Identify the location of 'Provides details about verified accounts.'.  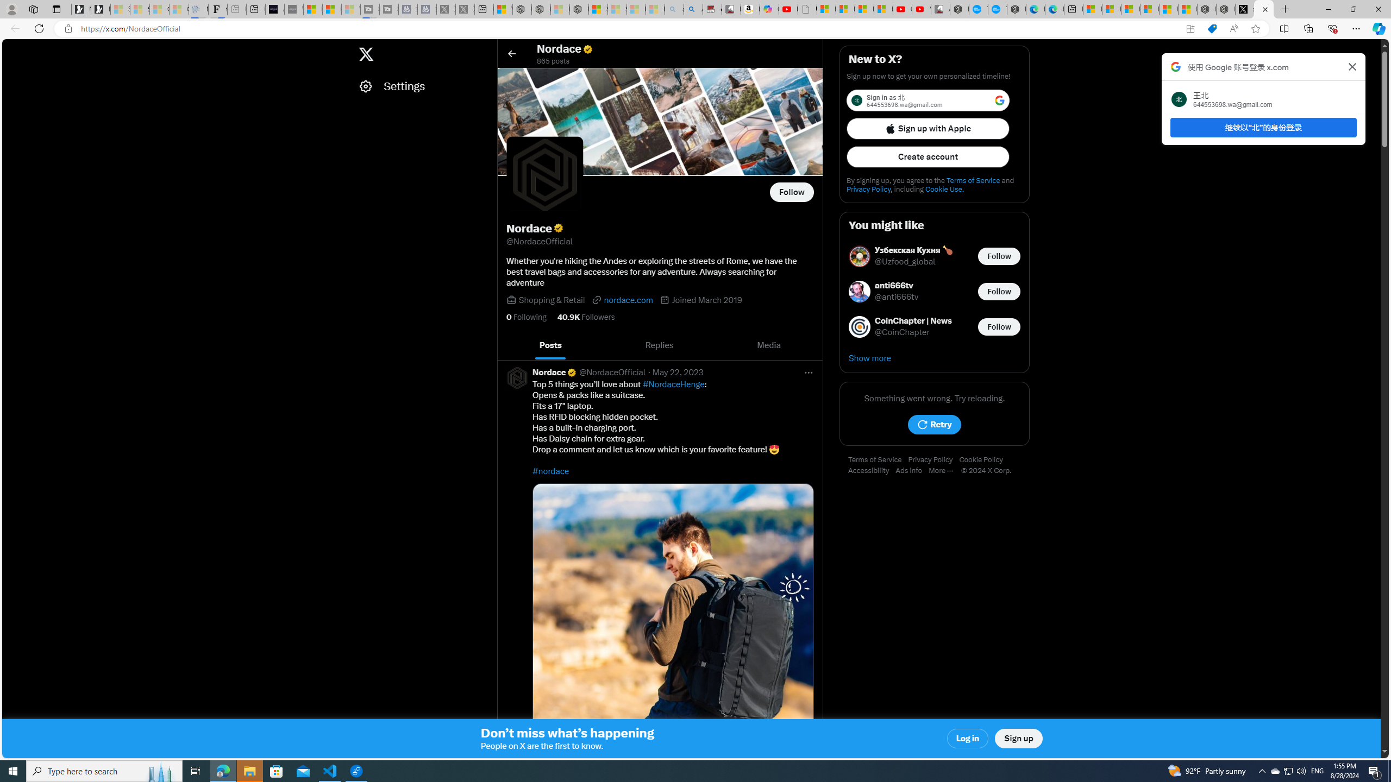
(557, 228).